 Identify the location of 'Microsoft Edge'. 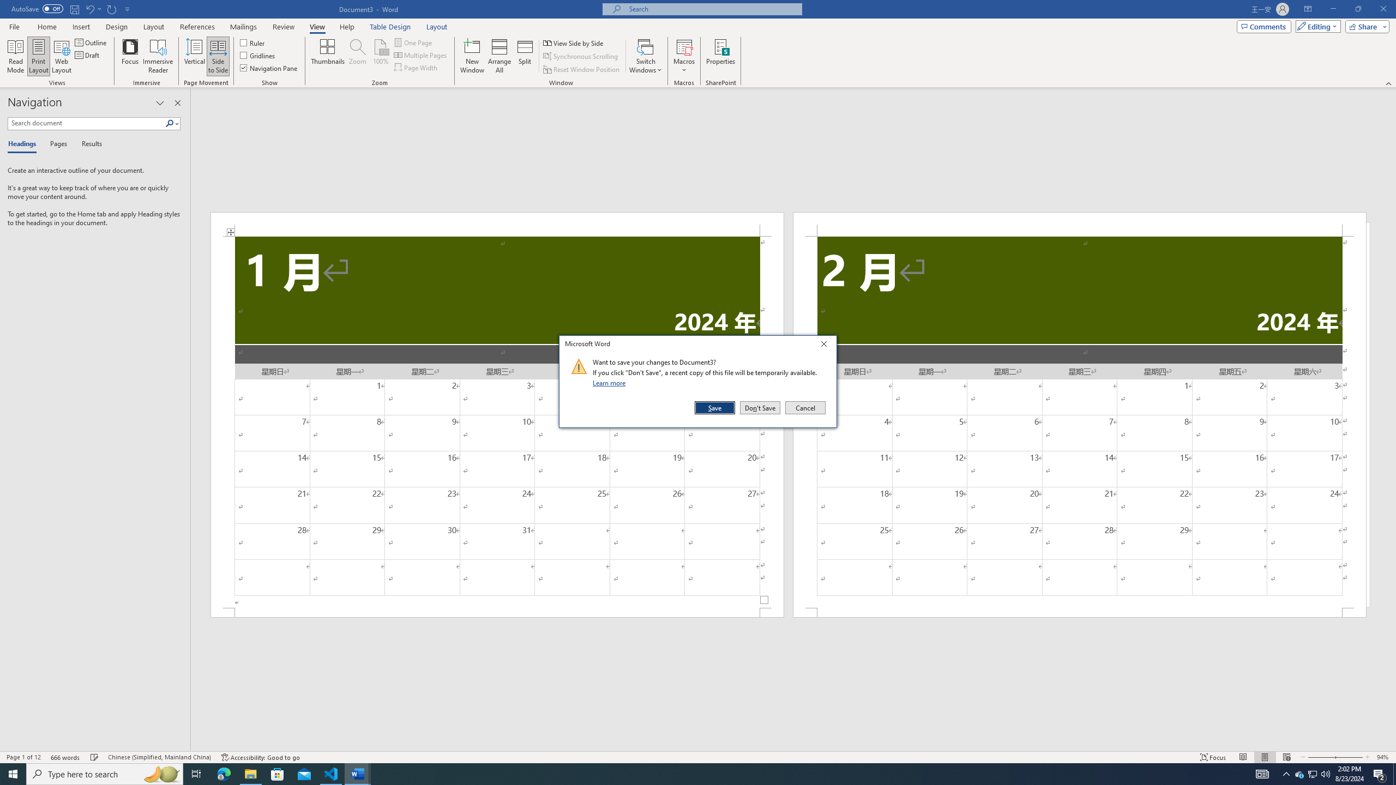
(223, 773).